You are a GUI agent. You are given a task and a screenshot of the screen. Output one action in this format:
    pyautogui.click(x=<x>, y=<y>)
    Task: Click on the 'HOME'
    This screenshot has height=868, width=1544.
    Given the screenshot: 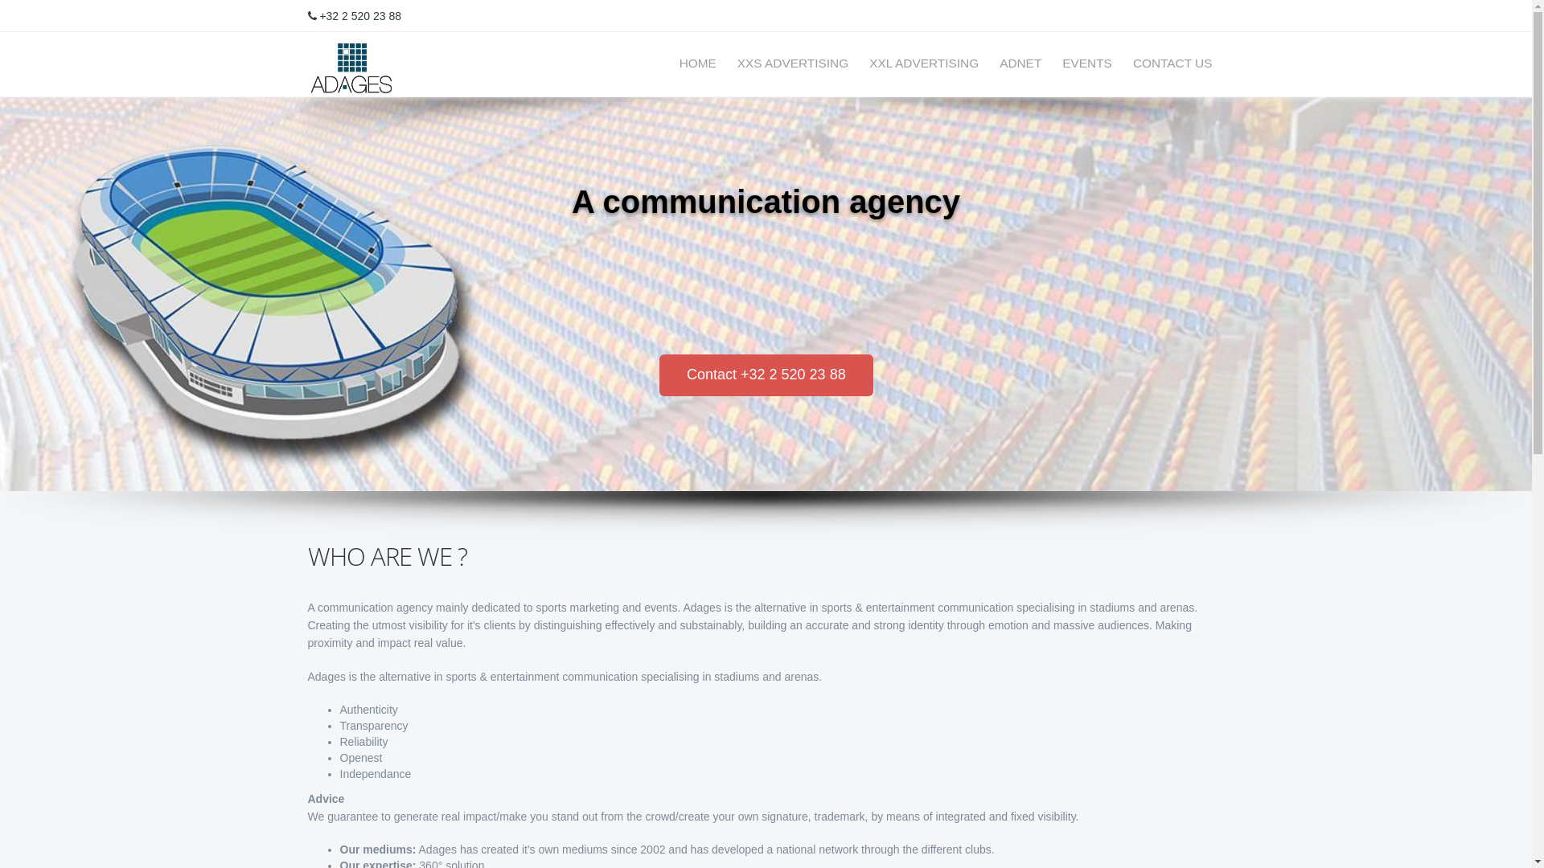 What is the action you would take?
    pyautogui.click(x=698, y=62)
    